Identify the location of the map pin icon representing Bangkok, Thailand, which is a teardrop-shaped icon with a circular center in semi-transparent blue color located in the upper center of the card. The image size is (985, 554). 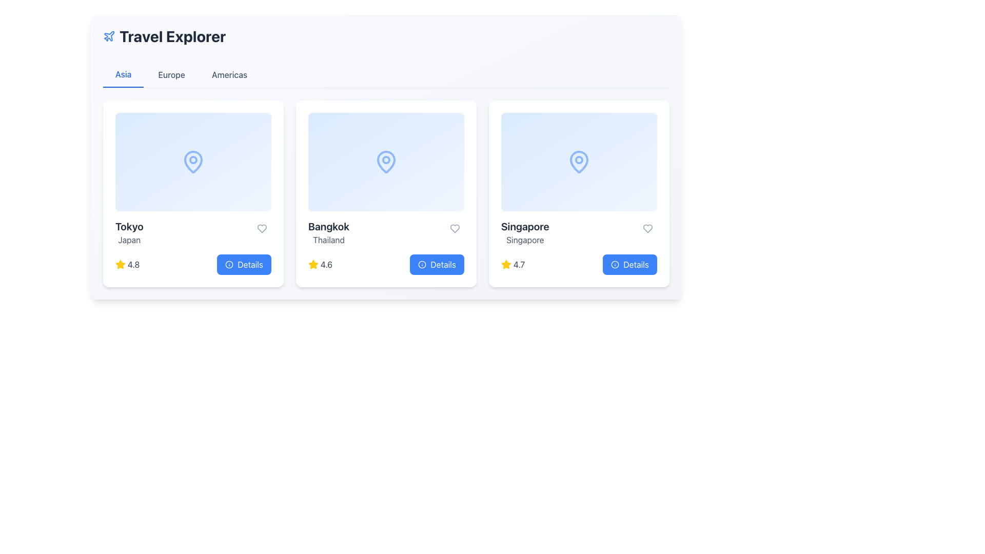
(386, 162).